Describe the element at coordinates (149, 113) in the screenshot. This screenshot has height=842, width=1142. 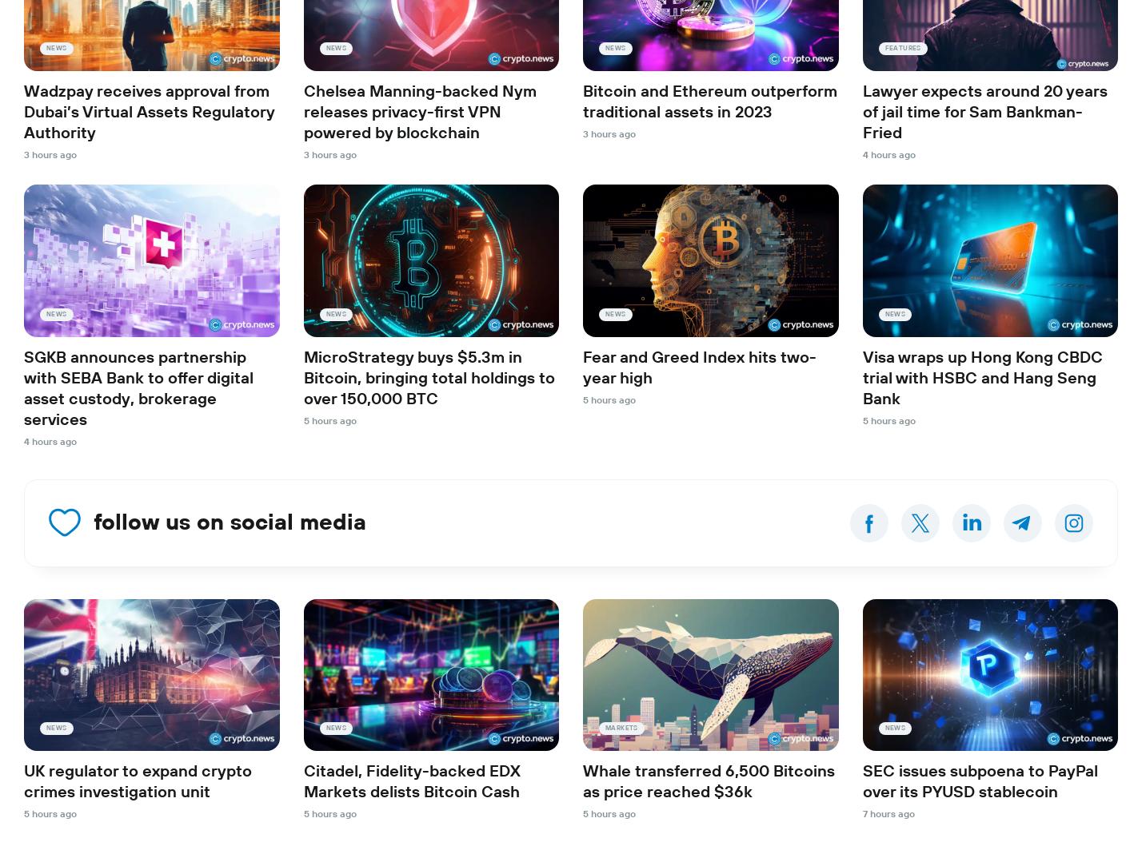
I see `'Wadzpay receives approval from Dubai’s Virtual Assets Regulatory Authority'` at that location.